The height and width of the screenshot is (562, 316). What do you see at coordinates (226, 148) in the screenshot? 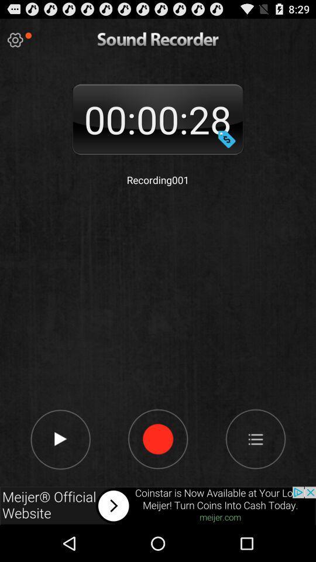
I see `the label icon` at bounding box center [226, 148].